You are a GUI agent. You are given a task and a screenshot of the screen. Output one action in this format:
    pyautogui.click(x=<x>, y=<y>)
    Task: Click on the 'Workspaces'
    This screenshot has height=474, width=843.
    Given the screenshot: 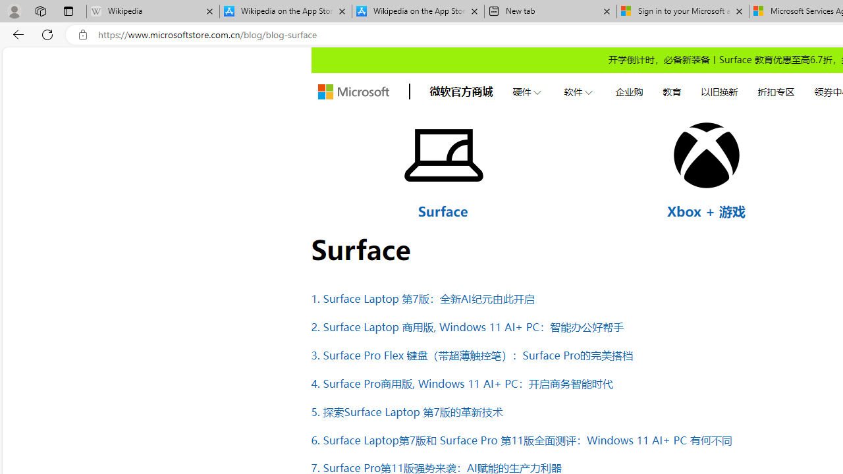 What is the action you would take?
    pyautogui.click(x=40, y=11)
    